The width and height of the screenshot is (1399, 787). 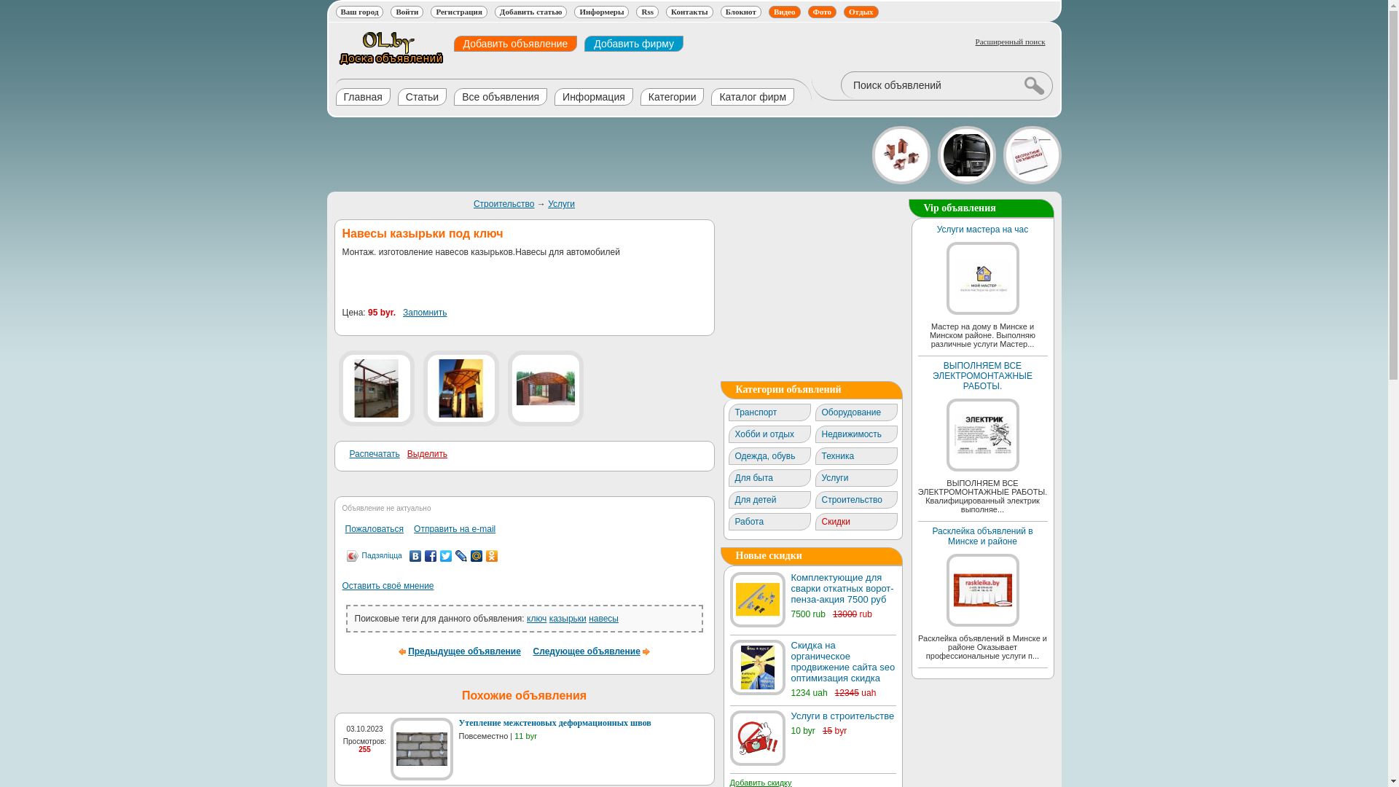 I want to click on 'LiveJournal', so click(x=461, y=556).